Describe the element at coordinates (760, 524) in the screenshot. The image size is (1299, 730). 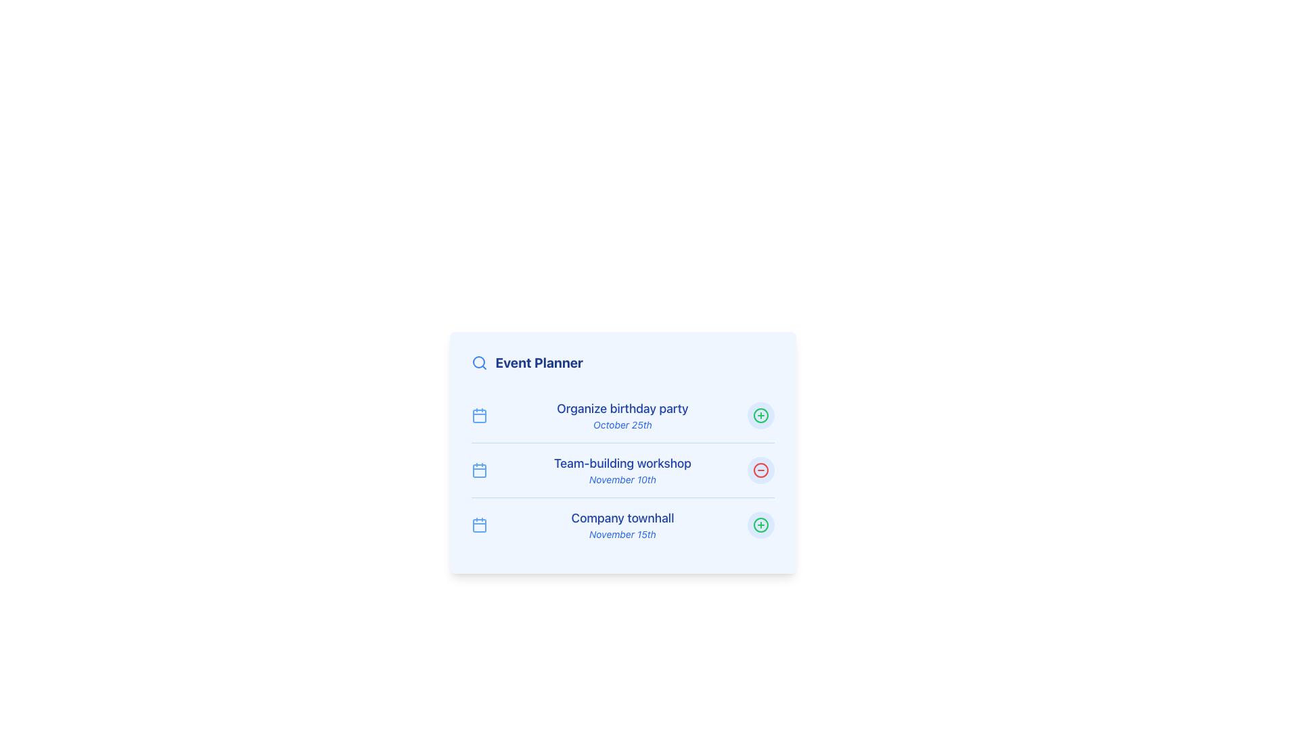
I see `the circular icon with a green border that is part of the 'circle-plus' button located to the right of the 'Organize birthday party' text item` at that location.